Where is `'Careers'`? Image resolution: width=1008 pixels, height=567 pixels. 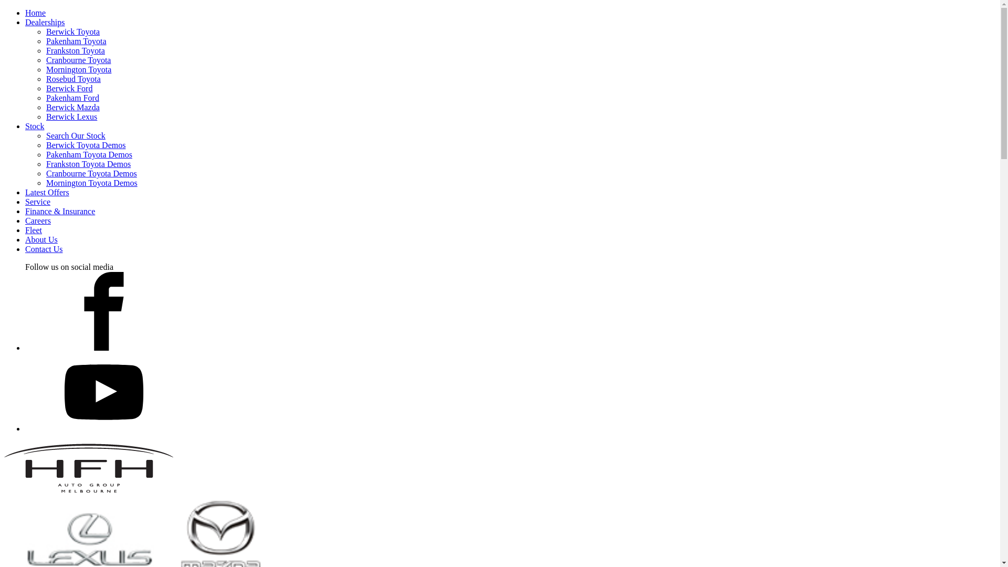
'Careers' is located at coordinates (38, 220).